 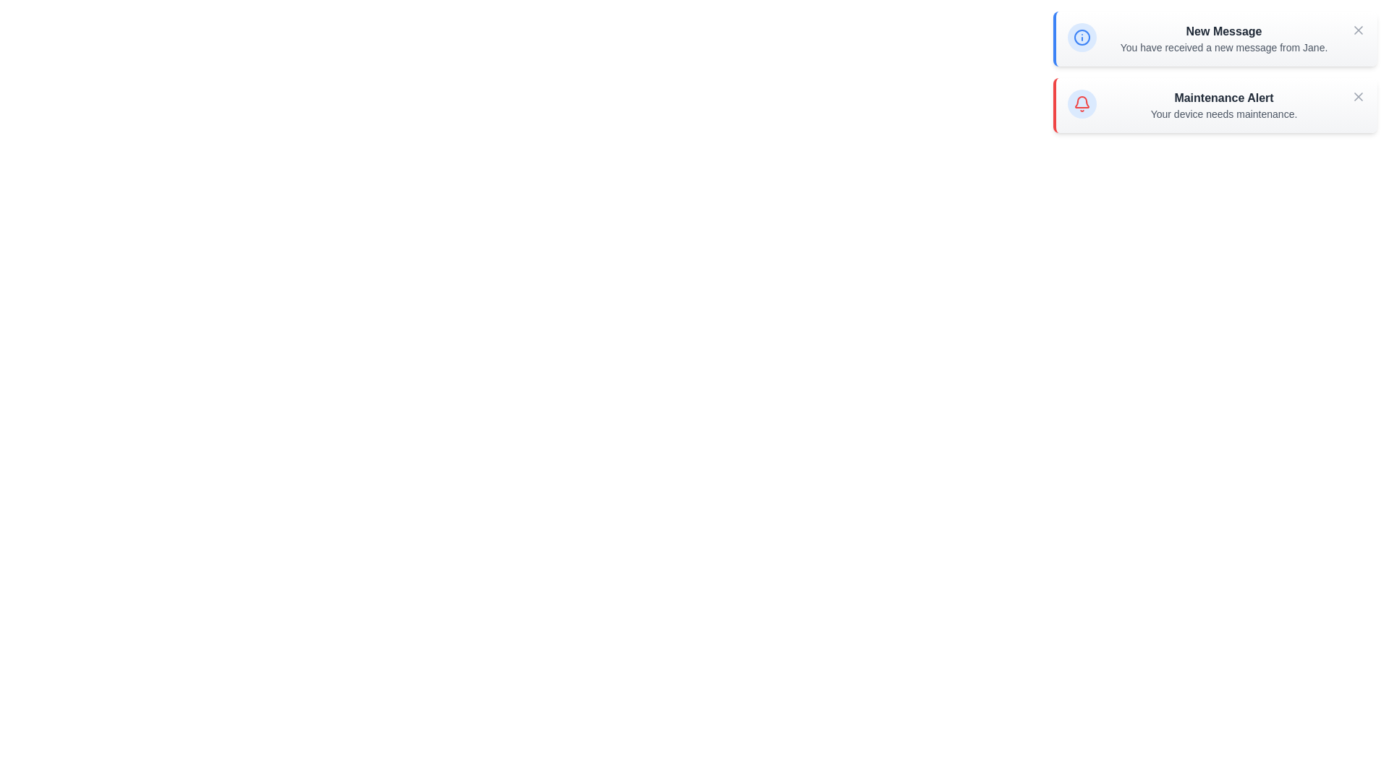 I want to click on the notification to read its contents, so click(x=1215, y=38).